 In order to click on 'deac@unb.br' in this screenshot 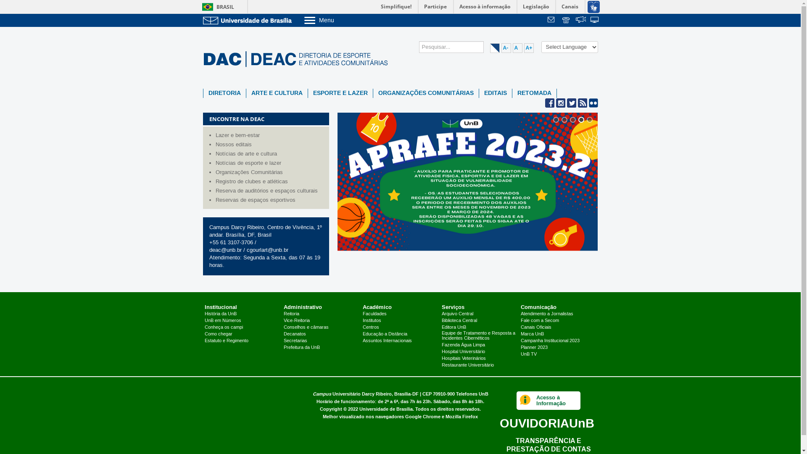, I will do `click(225, 249)`.